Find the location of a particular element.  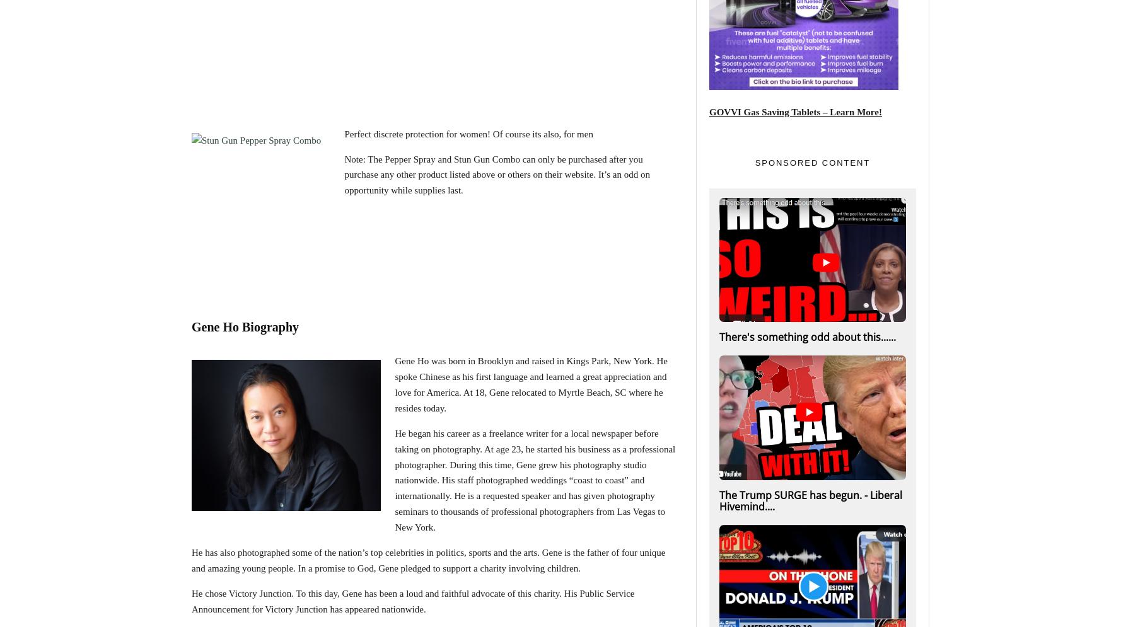

'Sponsored Content' is located at coordinates (812, 162).